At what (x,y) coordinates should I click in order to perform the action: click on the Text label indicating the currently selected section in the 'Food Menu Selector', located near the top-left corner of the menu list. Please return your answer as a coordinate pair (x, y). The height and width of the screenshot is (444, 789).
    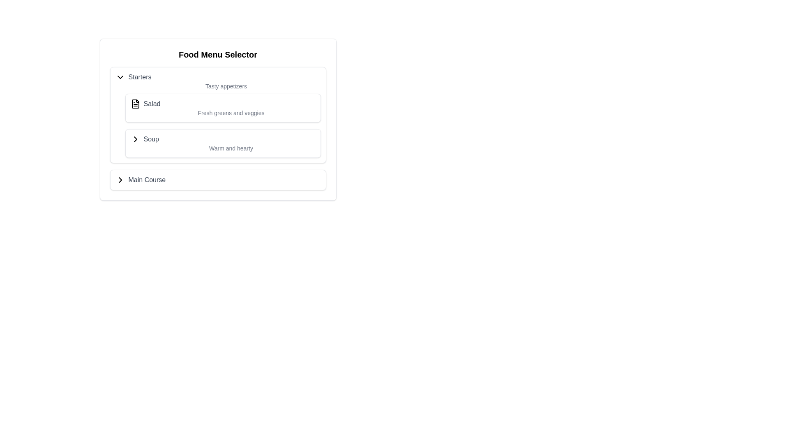
    Looking at the image, I should click on (140, 77).